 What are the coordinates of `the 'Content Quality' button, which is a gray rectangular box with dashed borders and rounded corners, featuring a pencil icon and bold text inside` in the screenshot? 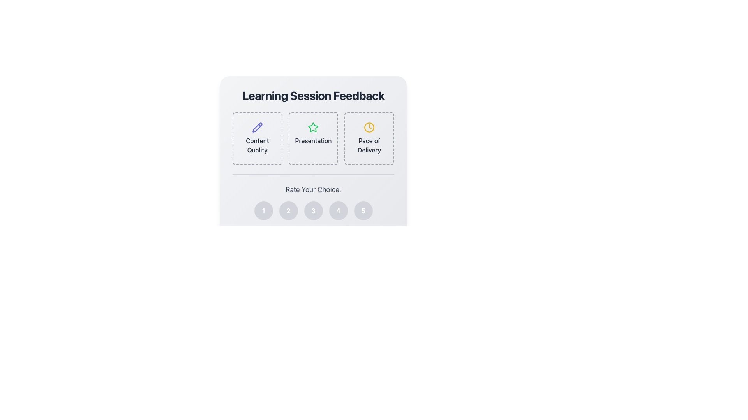 It's located at (257, 138).